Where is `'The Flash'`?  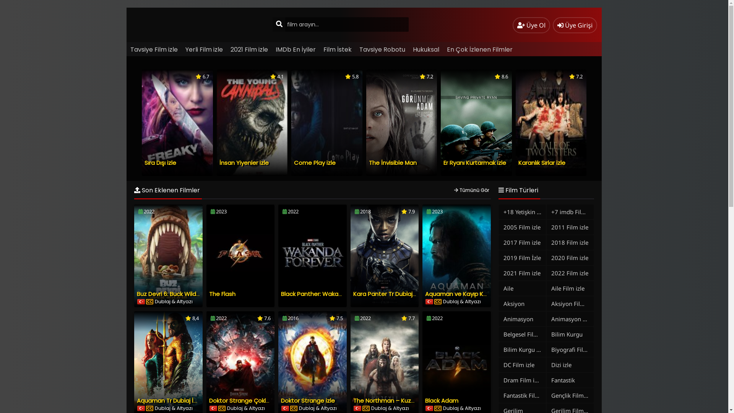 'The Flash' is located at coordinates (222, 293).